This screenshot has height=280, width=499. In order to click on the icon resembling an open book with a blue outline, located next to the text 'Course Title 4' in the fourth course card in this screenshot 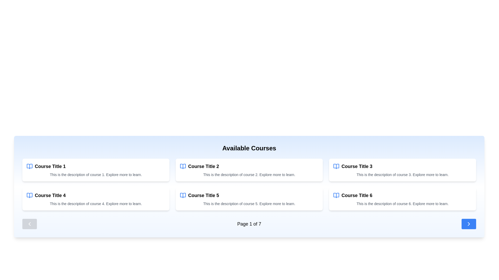, I will do `click(29, 195)`.